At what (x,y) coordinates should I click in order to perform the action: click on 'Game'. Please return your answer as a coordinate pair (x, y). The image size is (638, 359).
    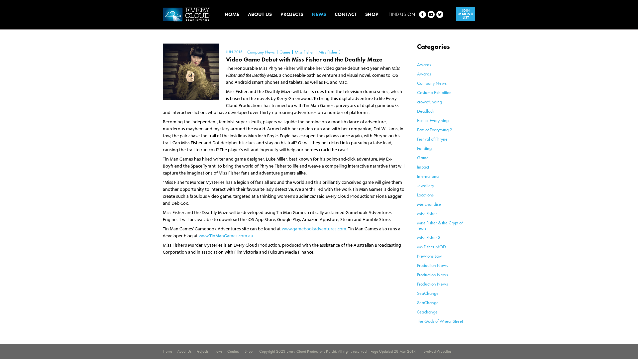
    Looking at the image, I should click on (284, 52).